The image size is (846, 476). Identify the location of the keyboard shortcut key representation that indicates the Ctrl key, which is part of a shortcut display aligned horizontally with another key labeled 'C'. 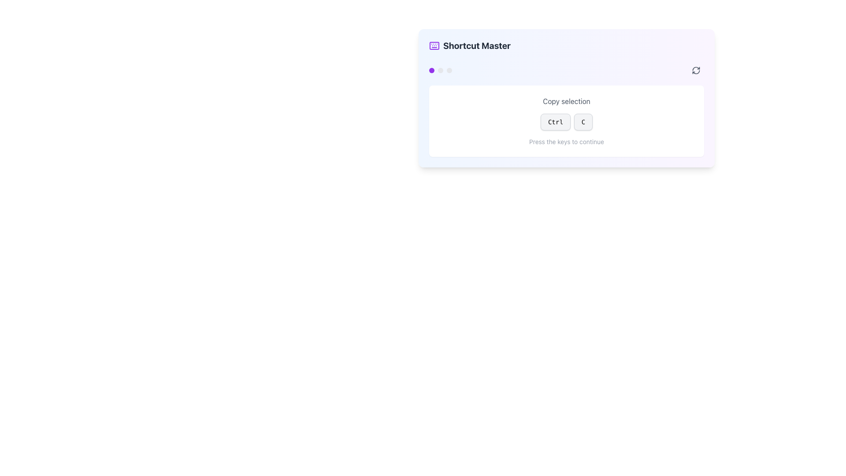
(567, 122).